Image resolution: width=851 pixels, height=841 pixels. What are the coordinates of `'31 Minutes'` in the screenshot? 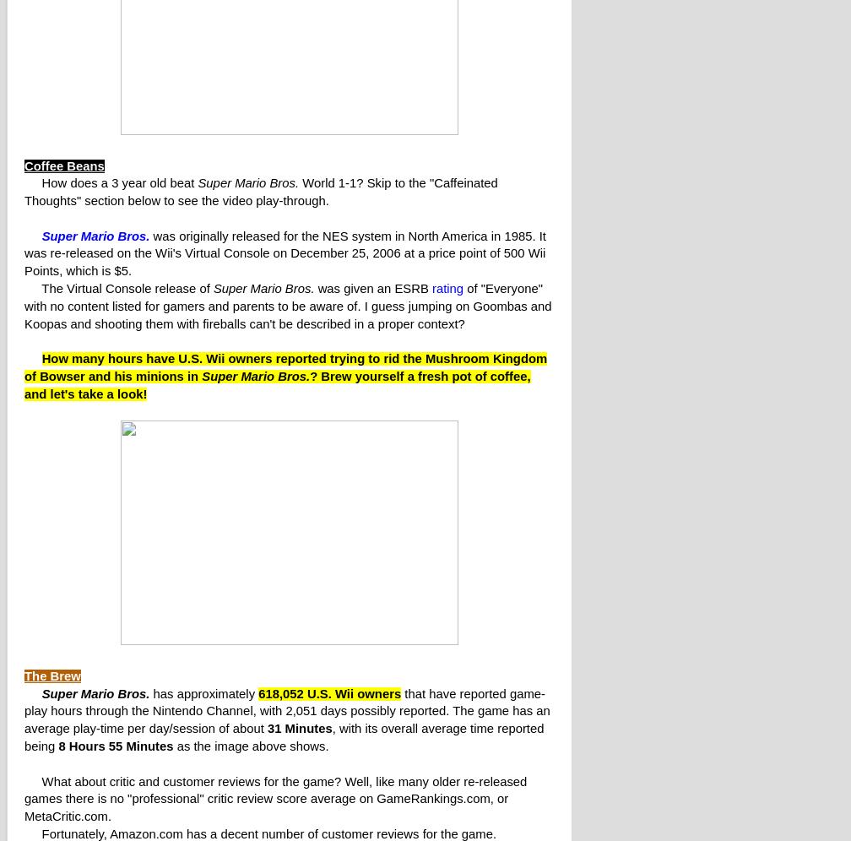 It's located at (267, 729).